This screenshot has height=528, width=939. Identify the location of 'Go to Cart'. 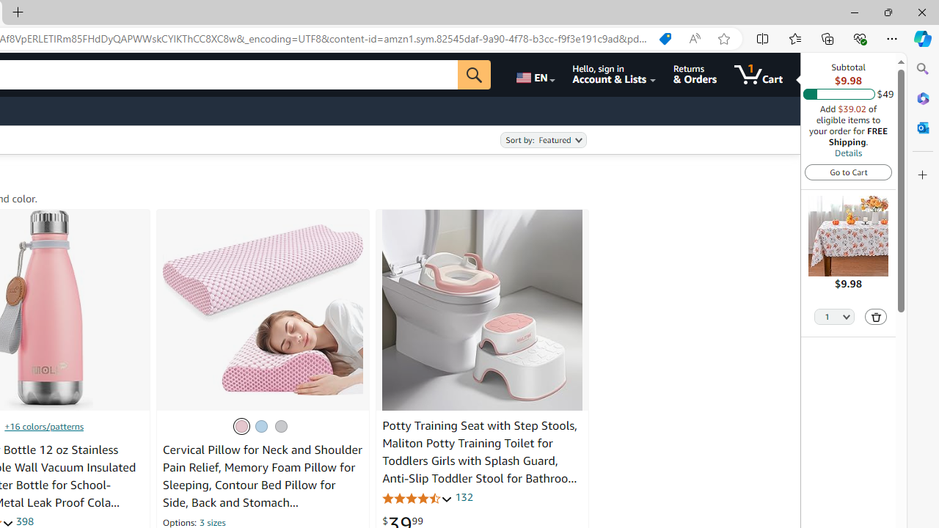
(848, 171).